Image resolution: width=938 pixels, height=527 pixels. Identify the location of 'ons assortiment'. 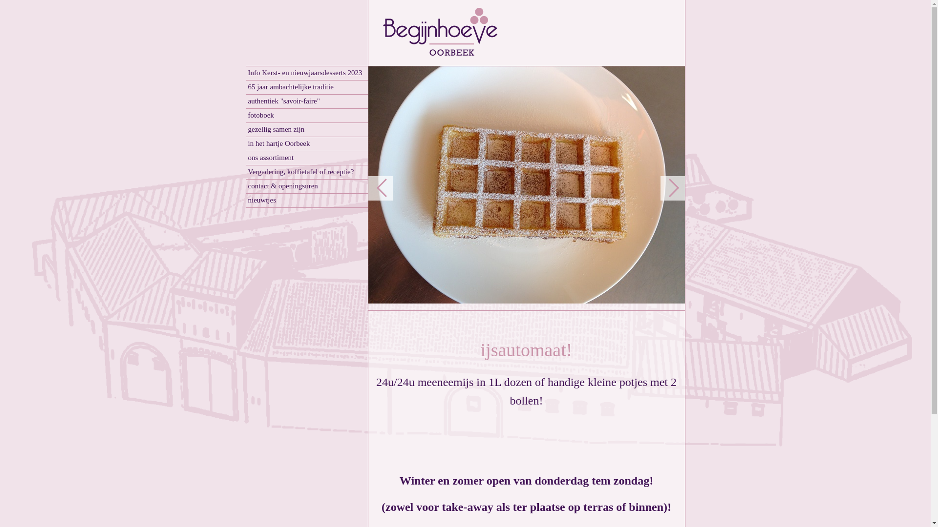
(306, 158).